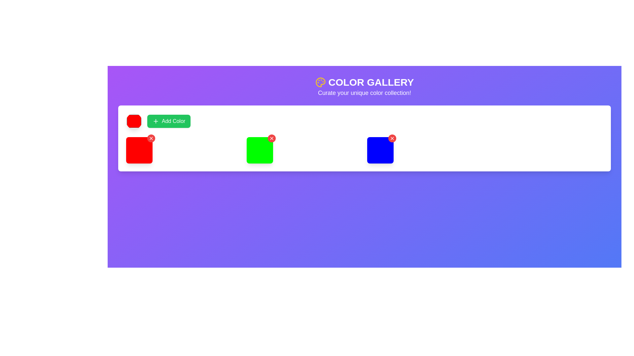 The image size is (634, 356). Describe the element at coordinates (271, 138) in the screenshot. I see `the circular button with a red background and white 'X' symbol located at the top-right corner of the red square card` at that location.